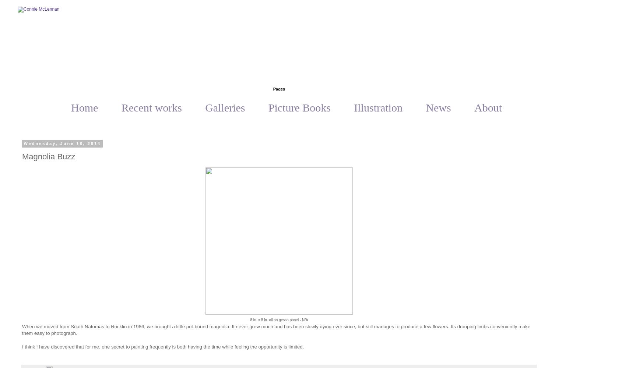 The image size is (629, 368). What do you see at coordinates (163, 346) in the screenshot?
I see `'I think I have discovered that for me, one secret to painting frequently is both having the time while feeling the opportunity is limited.'` at bounding box center [163, 346].